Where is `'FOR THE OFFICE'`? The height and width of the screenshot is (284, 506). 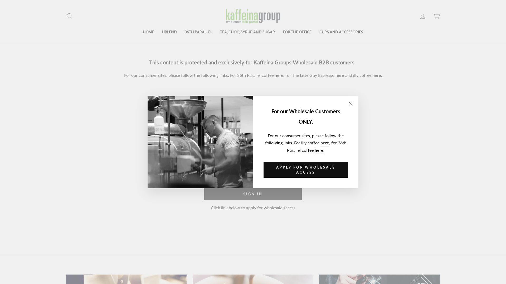
'FOR THE OFFICE' is located at coordinates (278, 32).